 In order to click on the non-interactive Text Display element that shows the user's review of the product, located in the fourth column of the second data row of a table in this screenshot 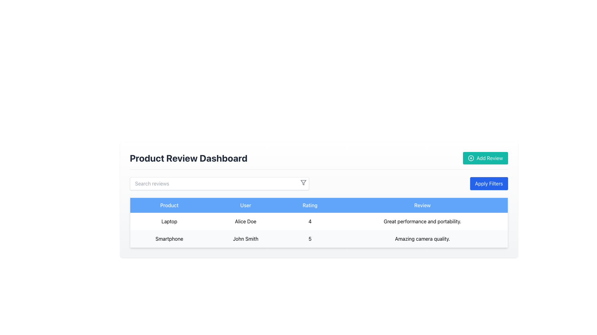, I will do `click(423, 239)`.